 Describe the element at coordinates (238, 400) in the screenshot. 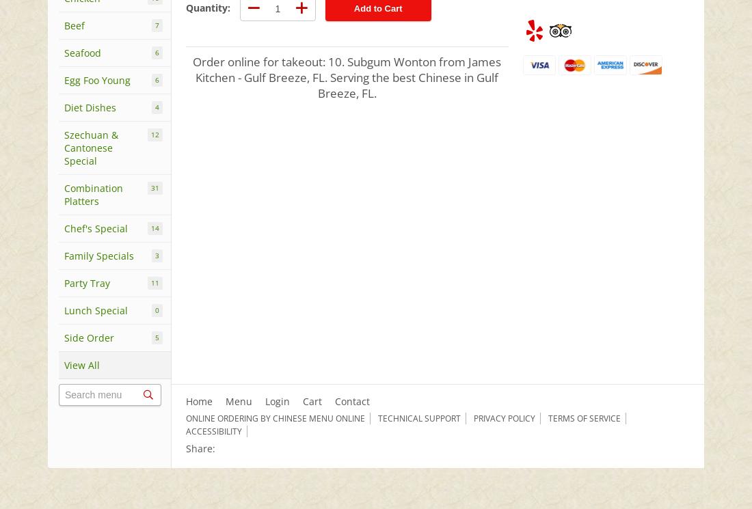

I see `'Menu'` at that location.